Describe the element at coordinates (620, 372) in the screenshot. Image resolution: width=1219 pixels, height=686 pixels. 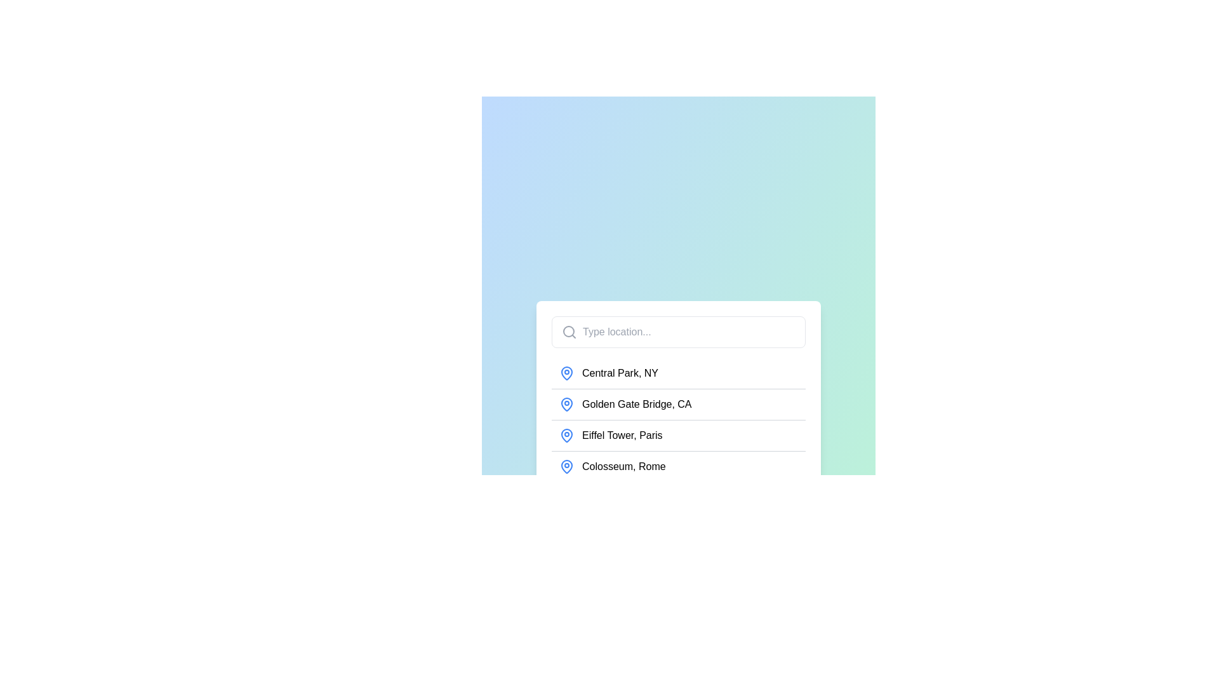
I see `the text label 'Central Park, NY'` at that location.